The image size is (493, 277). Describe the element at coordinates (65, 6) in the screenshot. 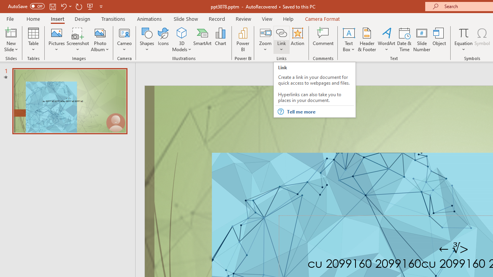

I see `'Undo'` at that location.